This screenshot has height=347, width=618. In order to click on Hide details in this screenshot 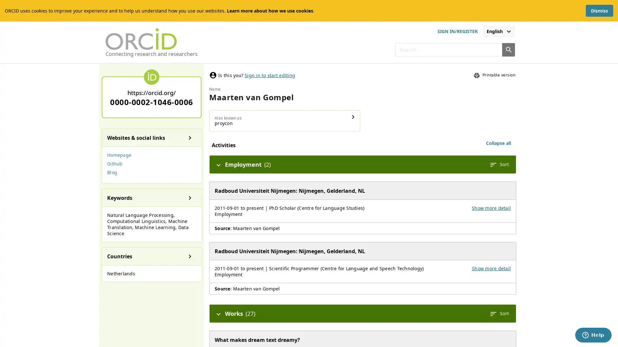, I will do `click(218, 164)`.